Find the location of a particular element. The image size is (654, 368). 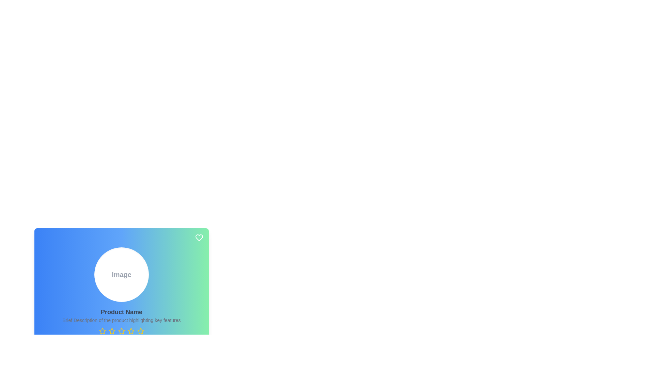

the Graphical Placeholder, a circular component with a white background and centered text displaying 'Image' in gray, bold font is located at coordinates (121, 274).